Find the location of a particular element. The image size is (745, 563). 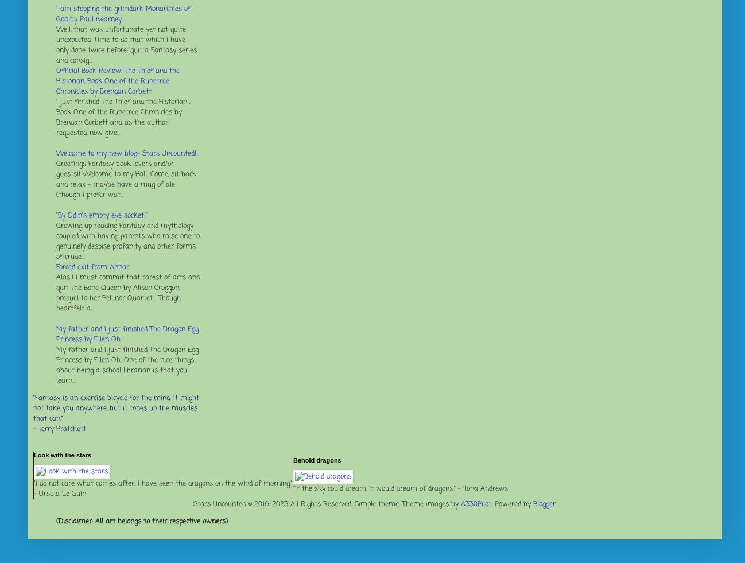

'- Ursula Le Guin' is located at coordinates (60, 494).